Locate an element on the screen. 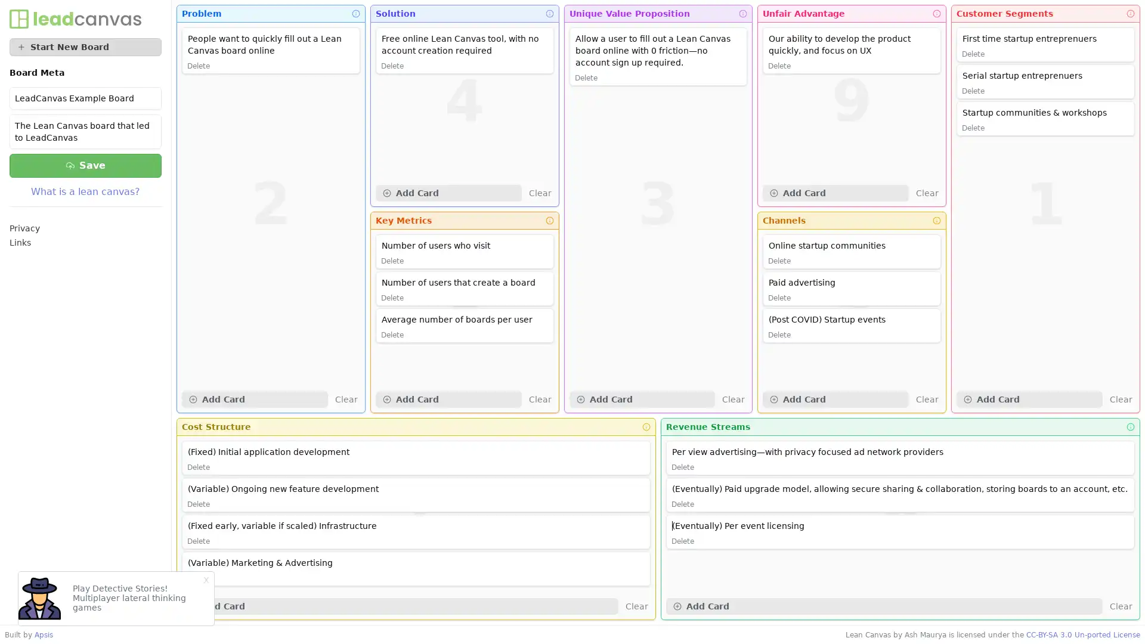  Delete is located at coordinates (973, 91).